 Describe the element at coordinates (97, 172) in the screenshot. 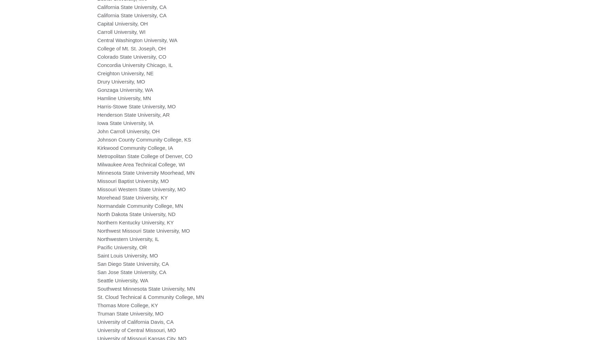

I see `'Minnesota State University Moorhead, MN'` at that location.